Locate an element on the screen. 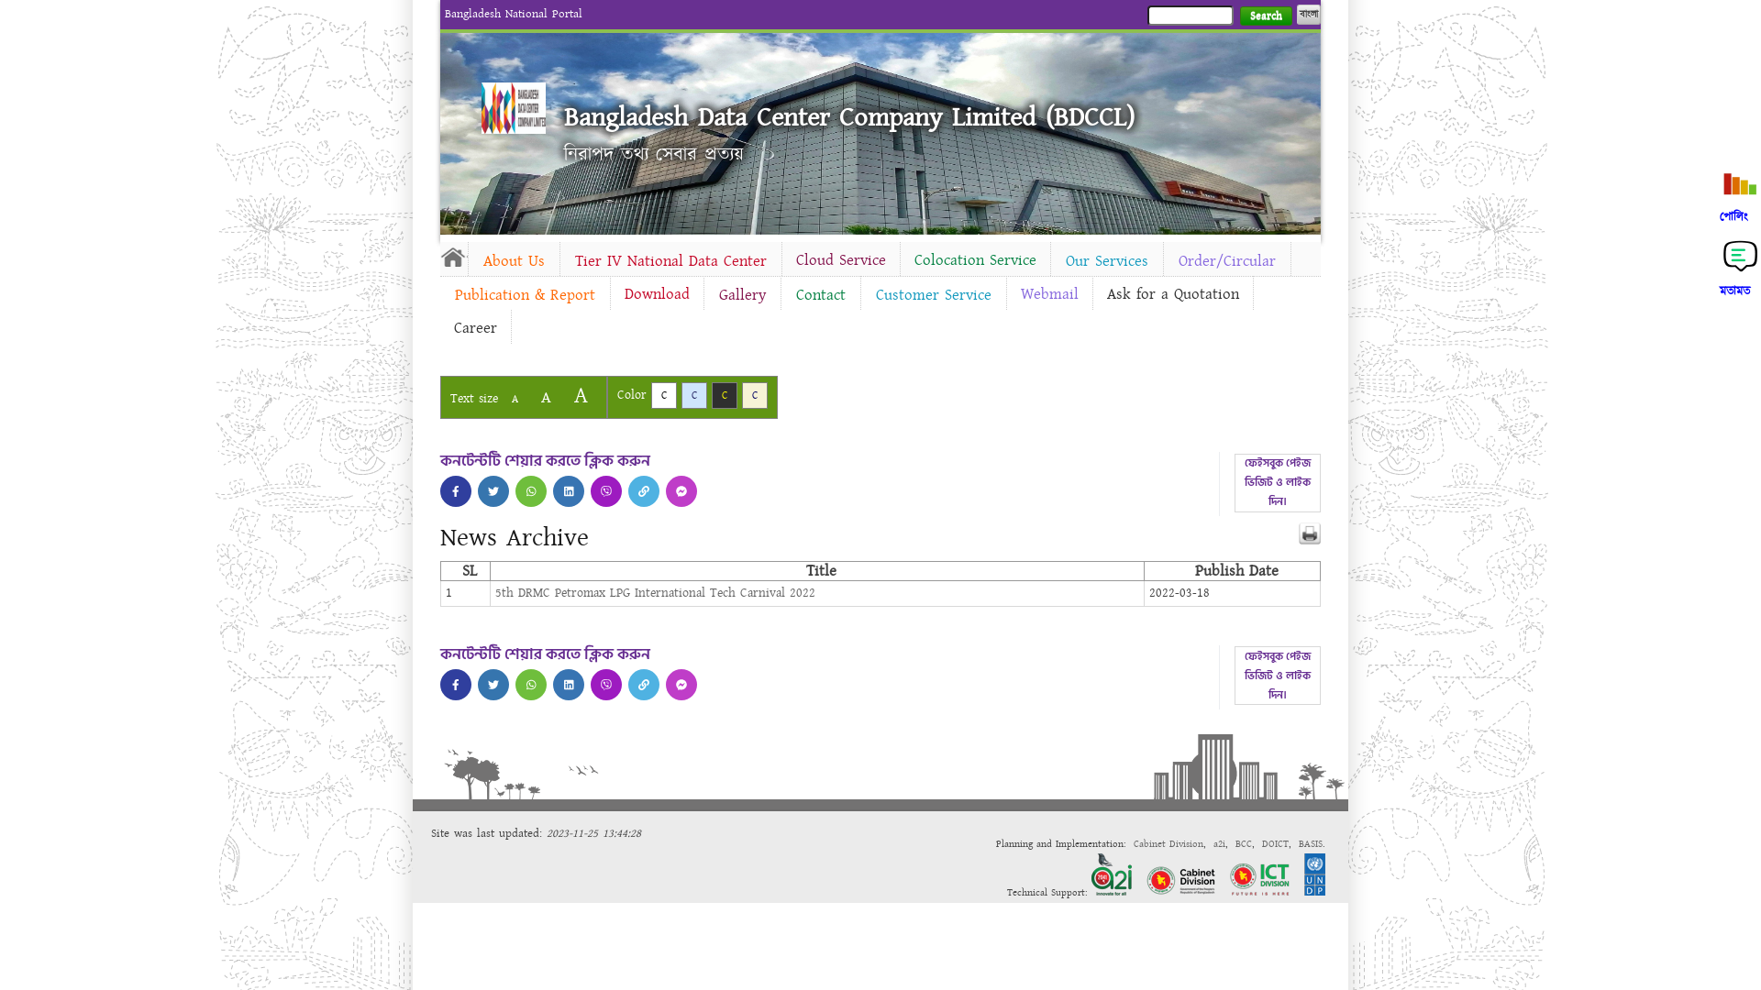  'Career' is located at coordinates (475, 327).